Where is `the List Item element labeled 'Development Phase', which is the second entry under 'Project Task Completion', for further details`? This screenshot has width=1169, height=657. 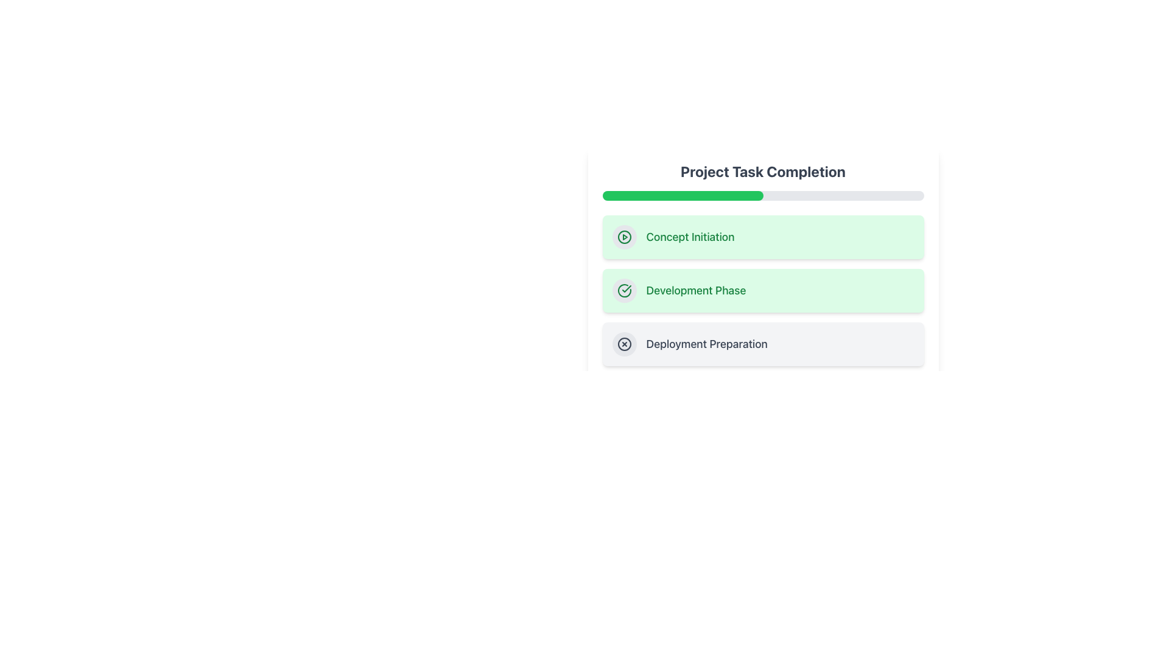 the List Item element labeled 'Development Phase', which is the second entry under 'Project Task Completion', for further details is located at coordinates (762, 309).